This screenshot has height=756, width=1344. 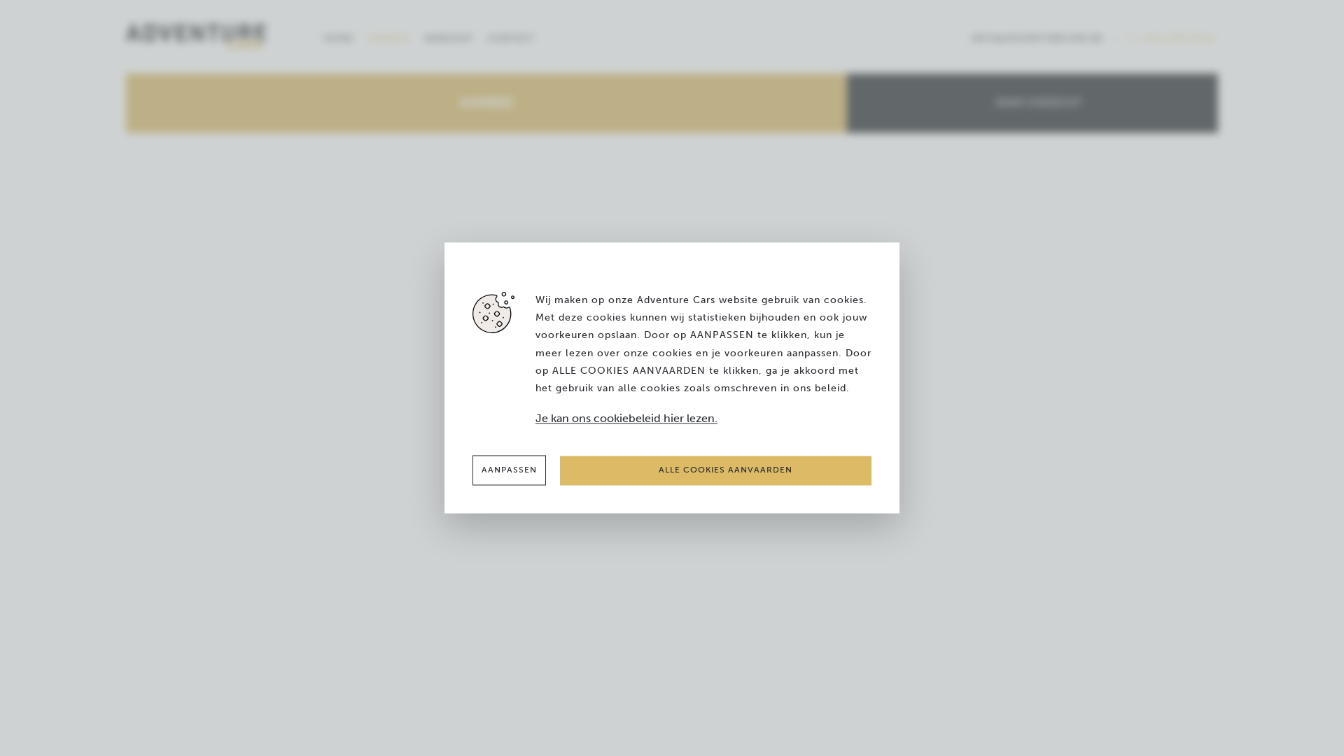 I want to click on 'AANPASSEN', so click(x=472, y=470).